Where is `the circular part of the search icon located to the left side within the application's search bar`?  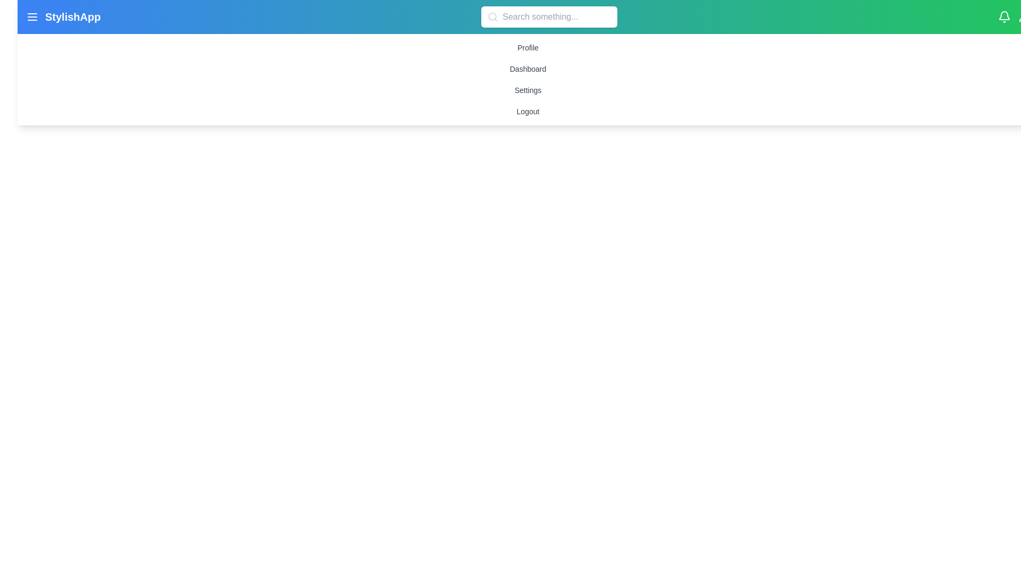 the circular part of the search icon located to the left side within the application's search bar is located at coordinates (492, 16).